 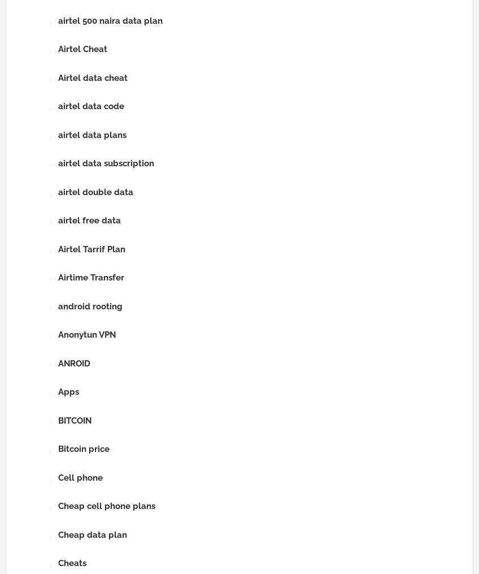 I want to click on 'Airtel Tarrif Plan', so click(x=92, y=248).